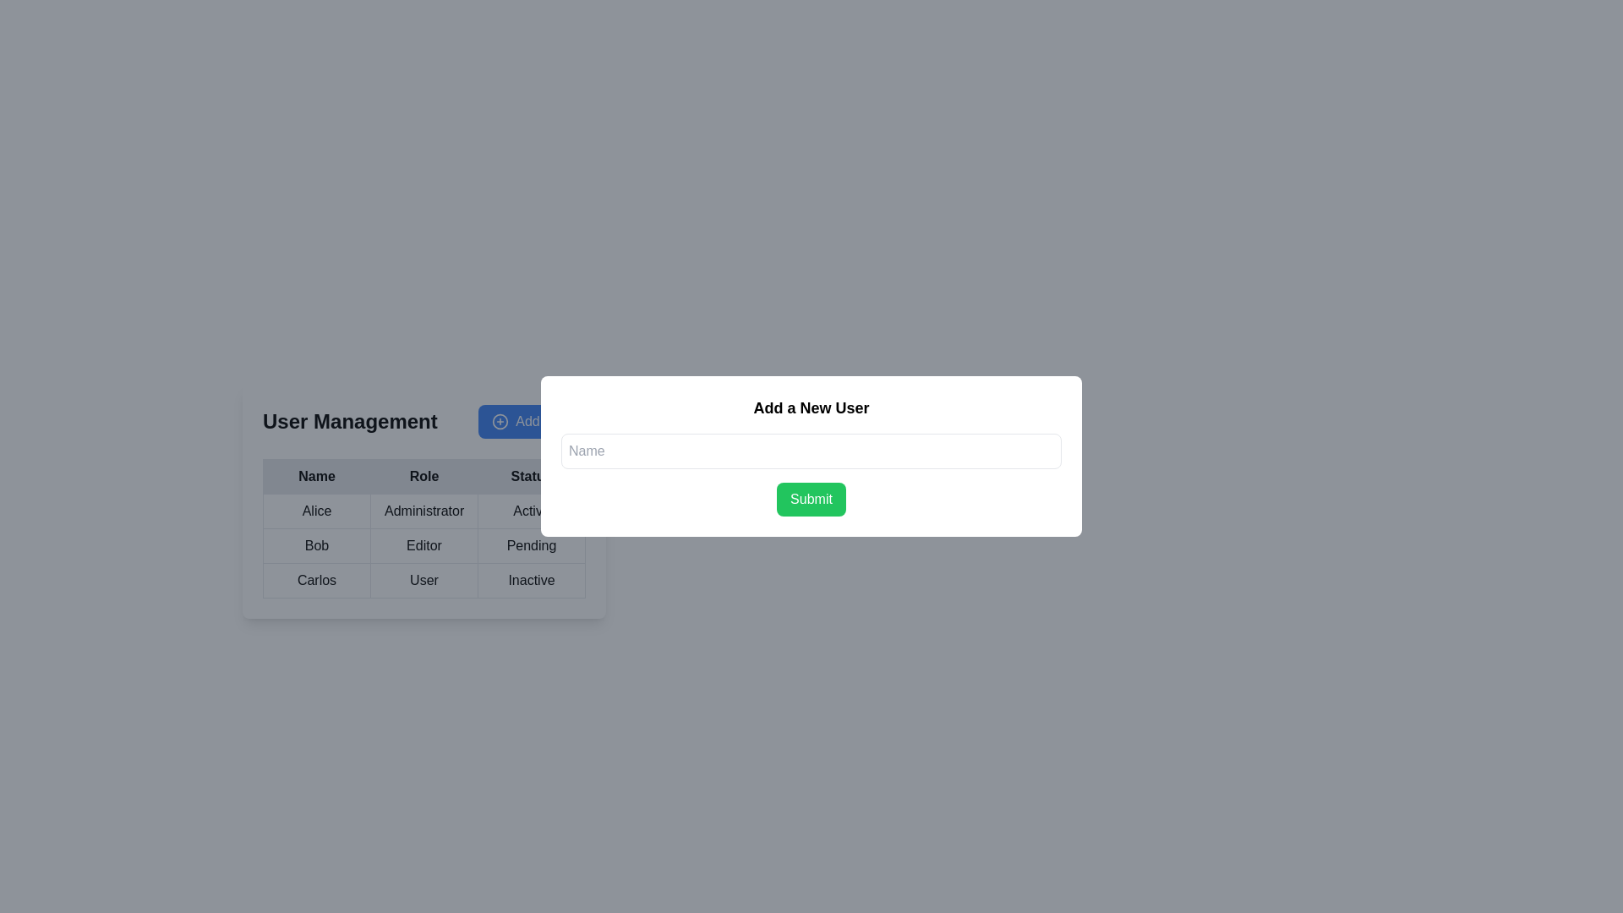 This screenshot has height=913, width=1623. I want to click on the button with a blue background and white text reading 'Add User', which is positioned to the right of the heading 'User Management', so click(531, 420).